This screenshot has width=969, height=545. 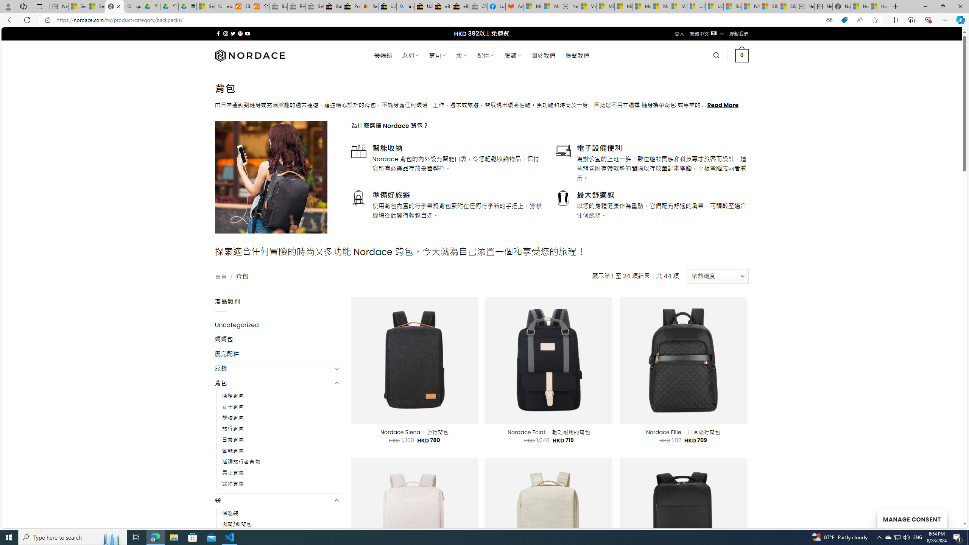 What do you see at coordinates (224, 6) in the screenshot?
I see `'ebay - Search'` at bounding box center [224, 6].